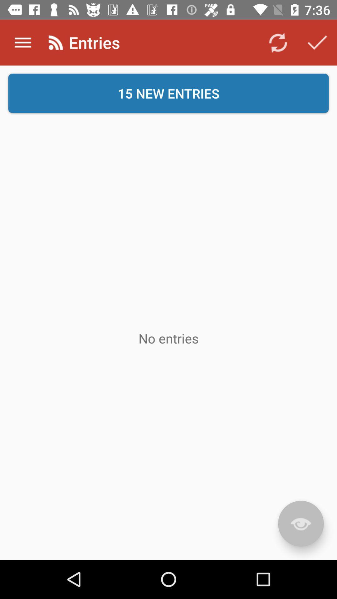  I want to click on button above the 15 new entries button, so click(317, 42).